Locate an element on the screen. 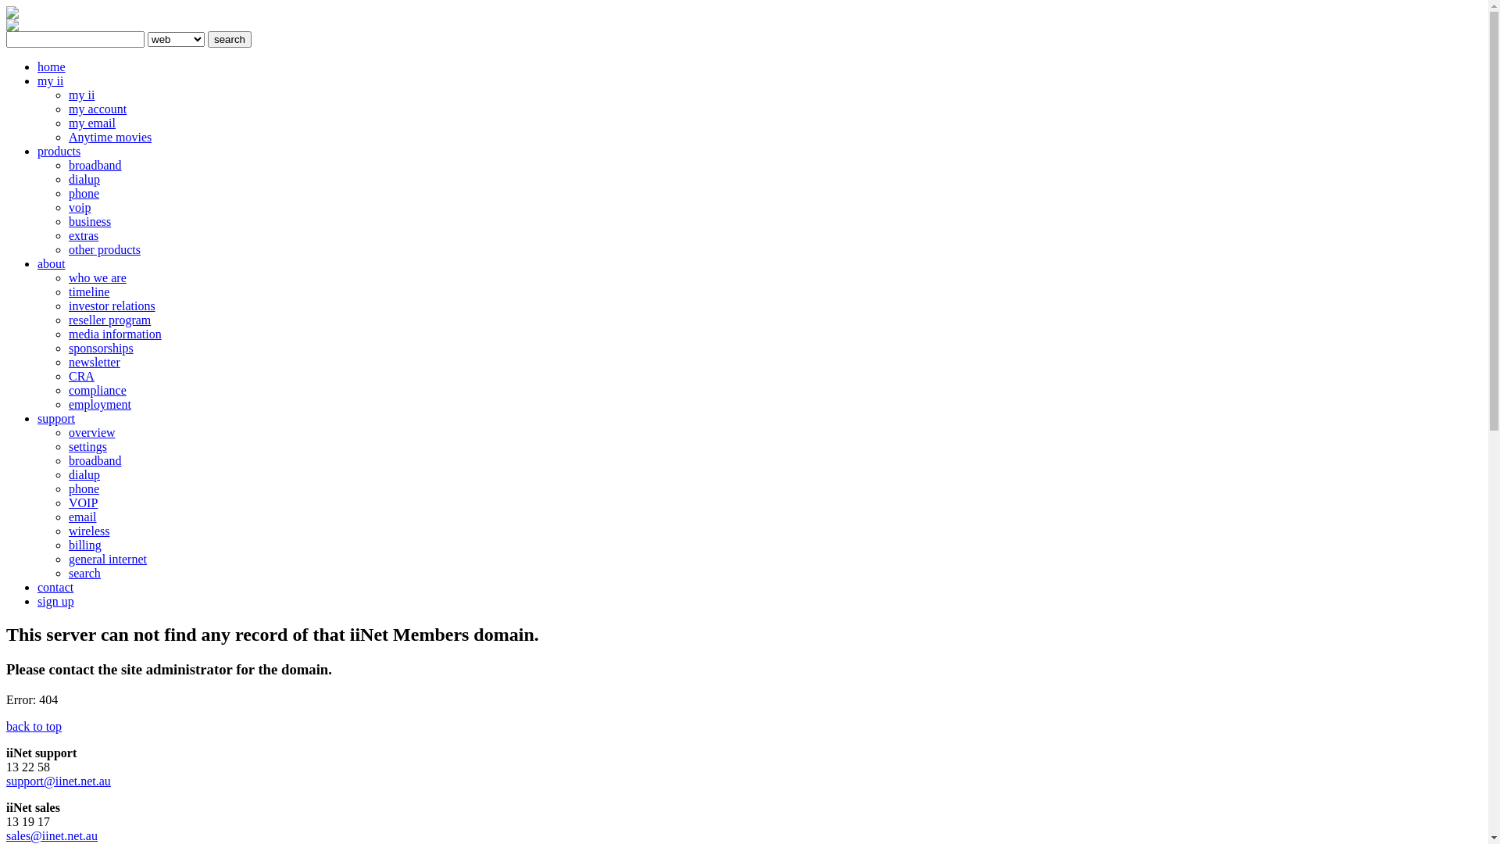  'my ii' is located at coordinates (67, 95).